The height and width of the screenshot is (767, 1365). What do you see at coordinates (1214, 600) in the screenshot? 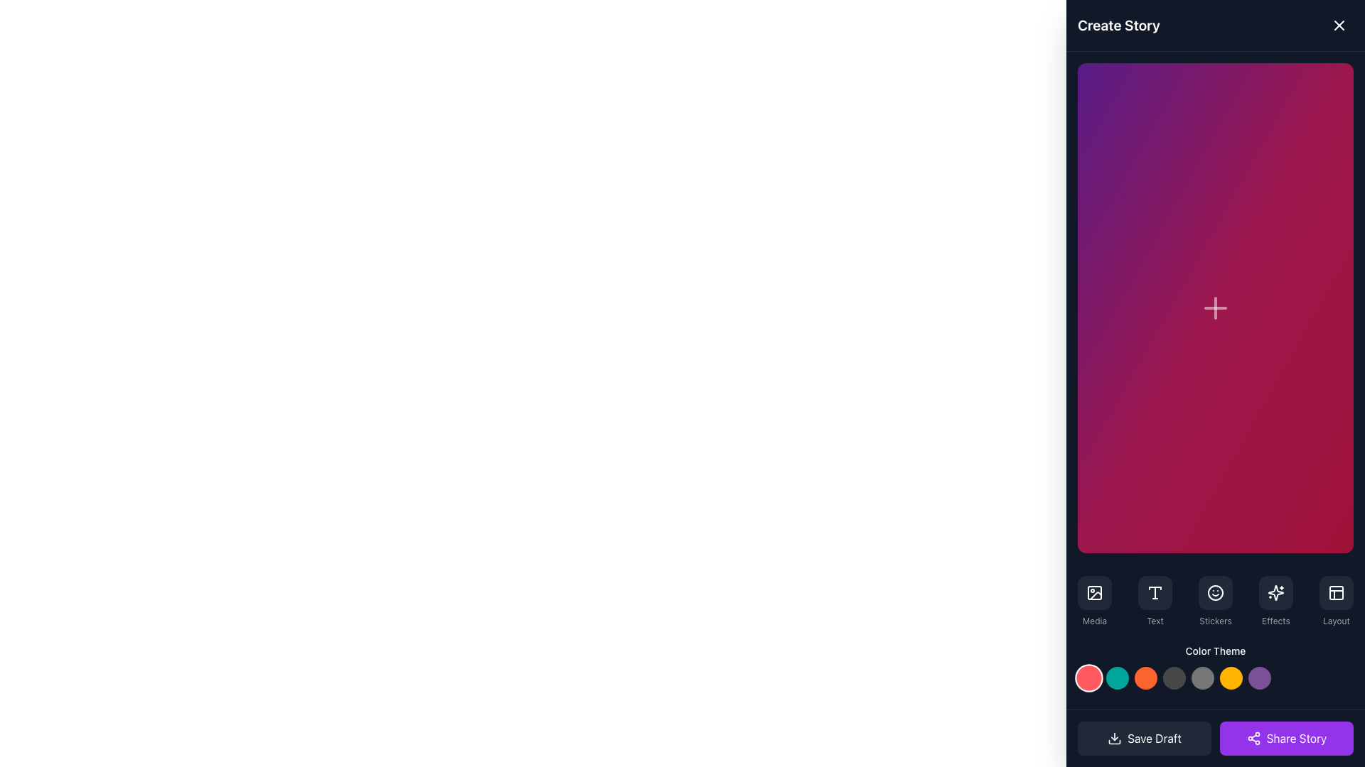
I see `the circular 'Stickers' button featuring a smiling face icon on a dark gray background` at bounding box center [1214, 600].